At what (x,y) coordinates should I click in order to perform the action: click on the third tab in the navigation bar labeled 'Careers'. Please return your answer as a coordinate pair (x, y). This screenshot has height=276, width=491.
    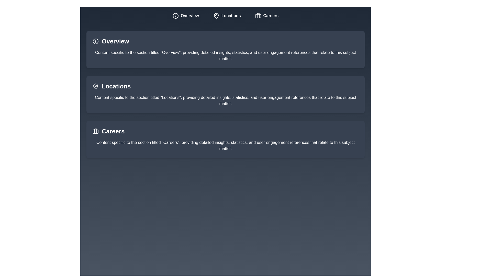
    Looking at the image, I should click on (266, 15).